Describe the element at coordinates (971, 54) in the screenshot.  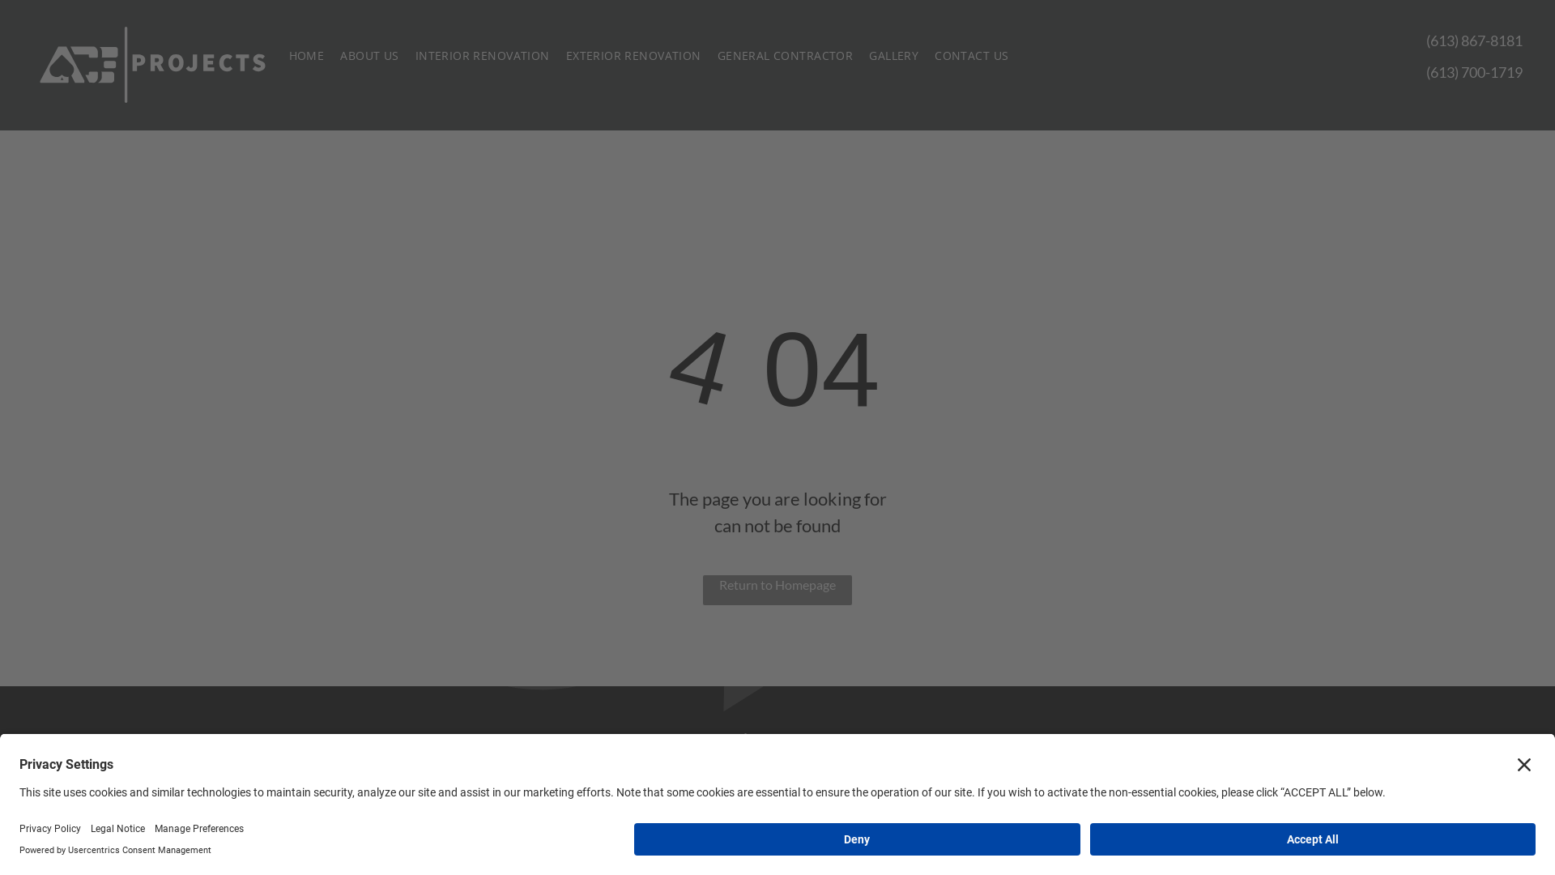
I see `'CONTACT US'` at that location.